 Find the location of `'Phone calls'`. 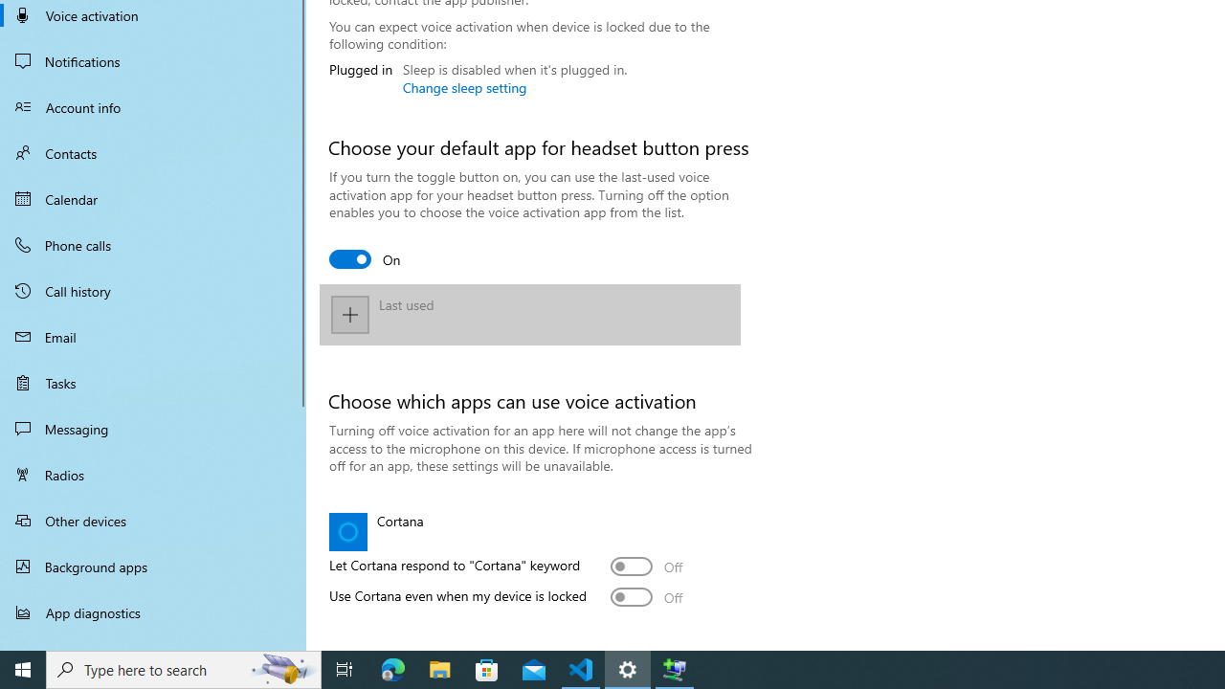

'Phone calls' is located at coordinates (153, 243).